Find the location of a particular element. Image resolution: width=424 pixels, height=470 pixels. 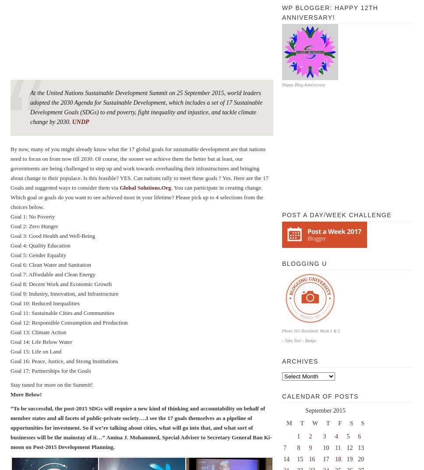

'Goal 10: Reduced Inequalities' is located at coordinates (45, 303).